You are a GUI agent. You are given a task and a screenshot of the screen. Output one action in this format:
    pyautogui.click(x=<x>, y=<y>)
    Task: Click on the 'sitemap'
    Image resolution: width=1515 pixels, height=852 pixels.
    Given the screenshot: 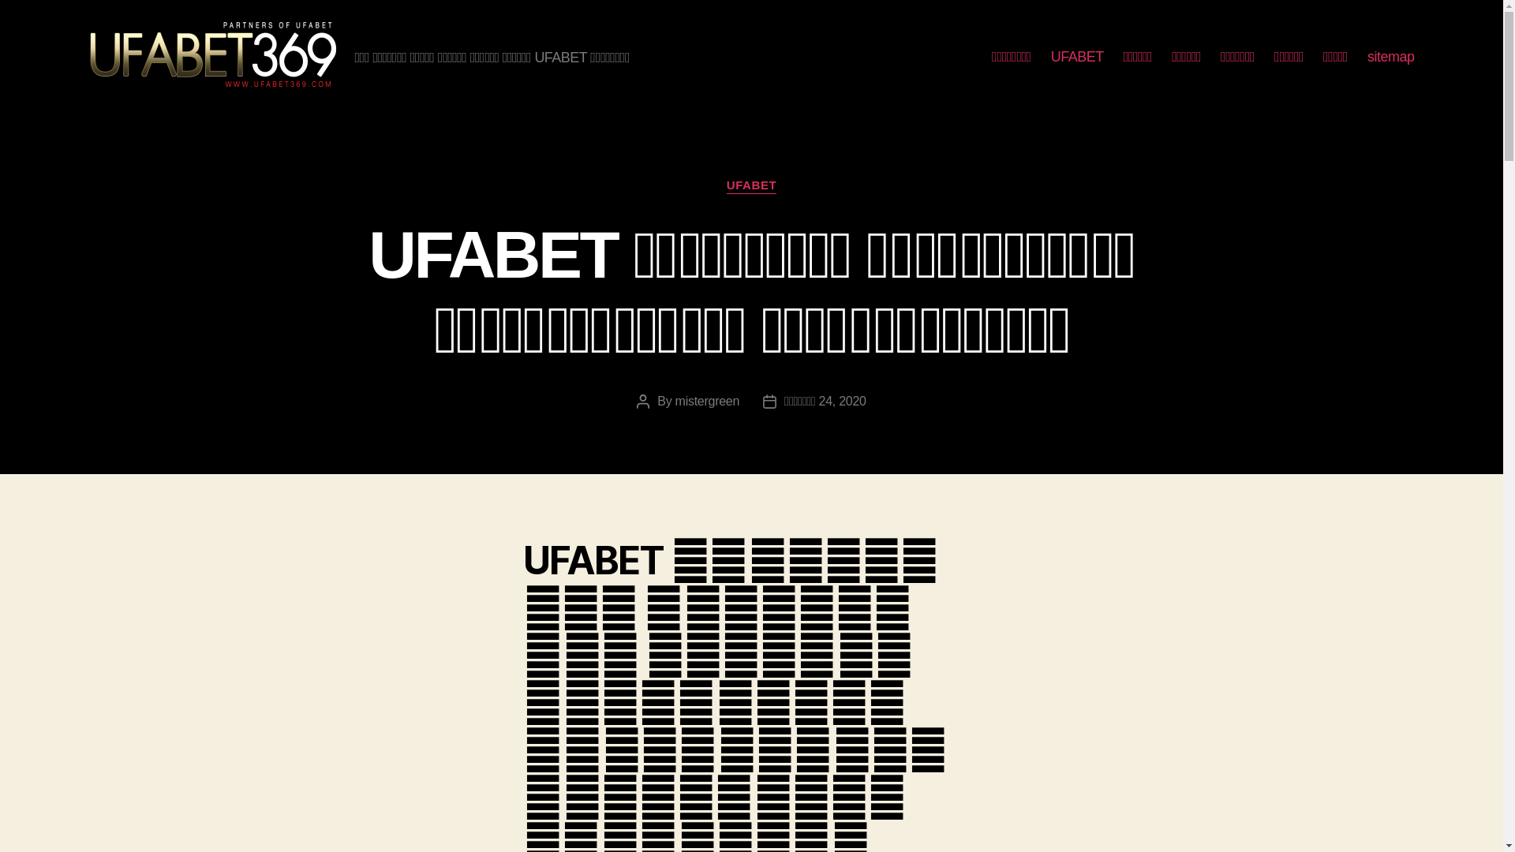 What is the action you would take?
    pyautogui.click(x=1390, y=57)
    